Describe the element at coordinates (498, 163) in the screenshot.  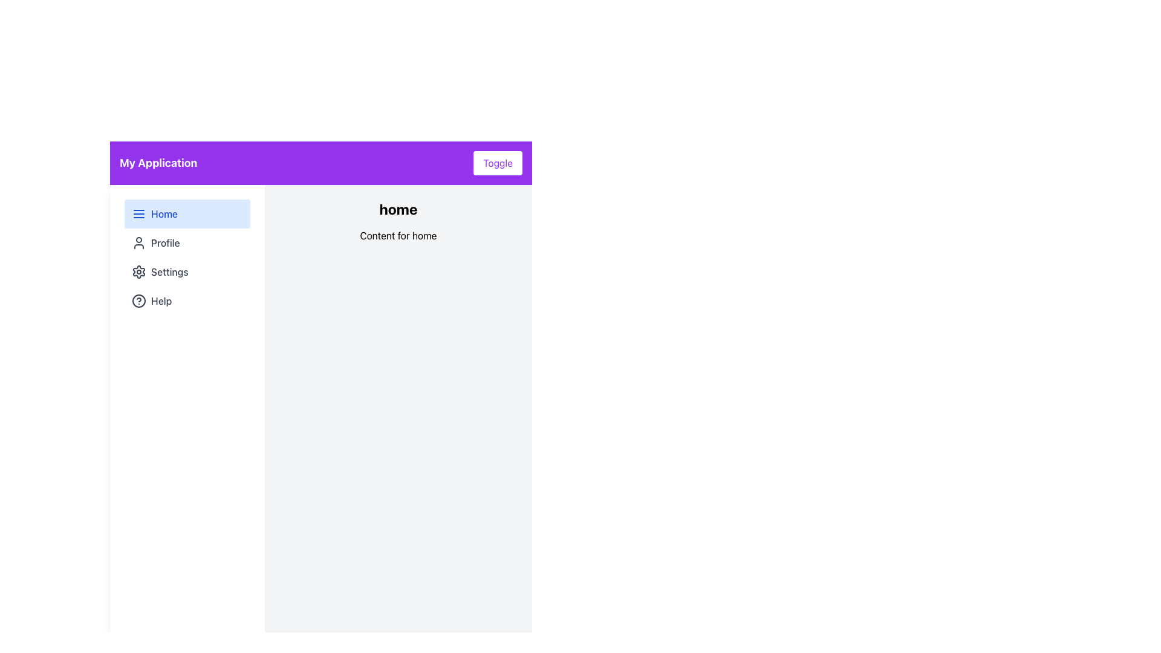
I see `the white button with purple text reading 'Toggle' located in the top right corner of the purple banner header` at that location.